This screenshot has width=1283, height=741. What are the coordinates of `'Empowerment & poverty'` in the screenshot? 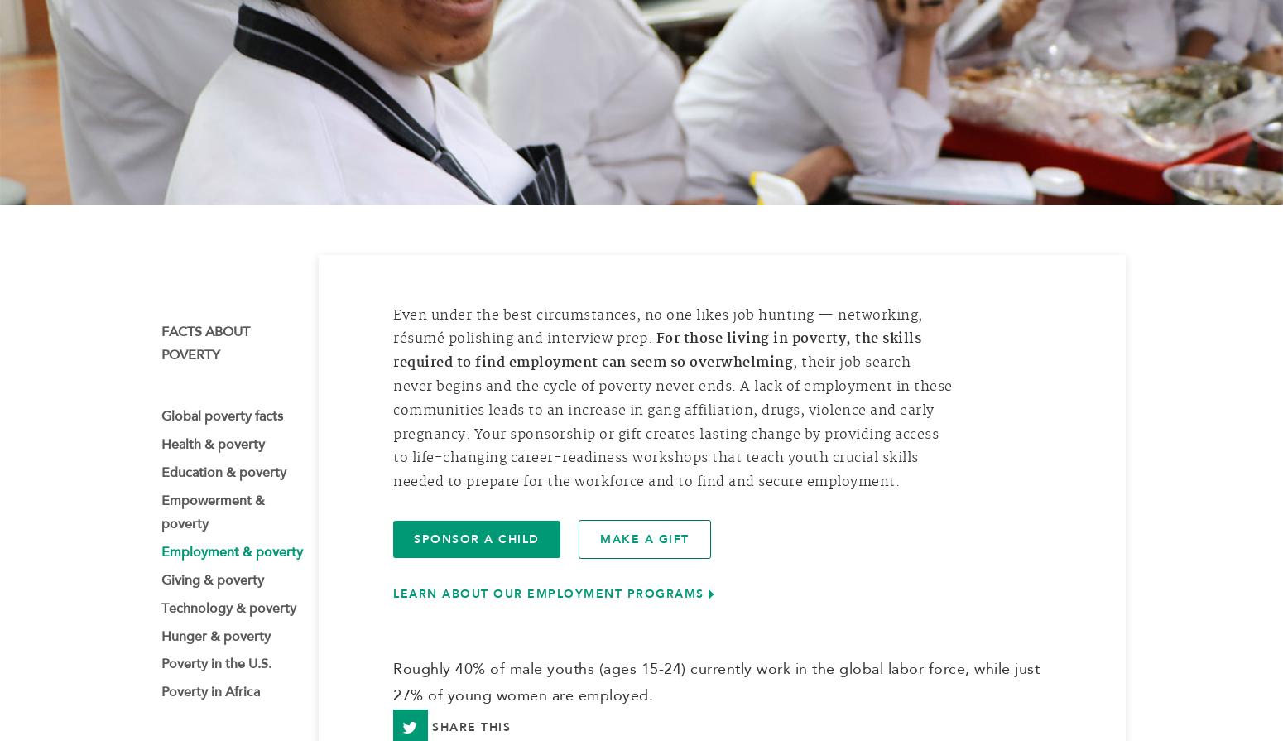 It's located at (213, 518).